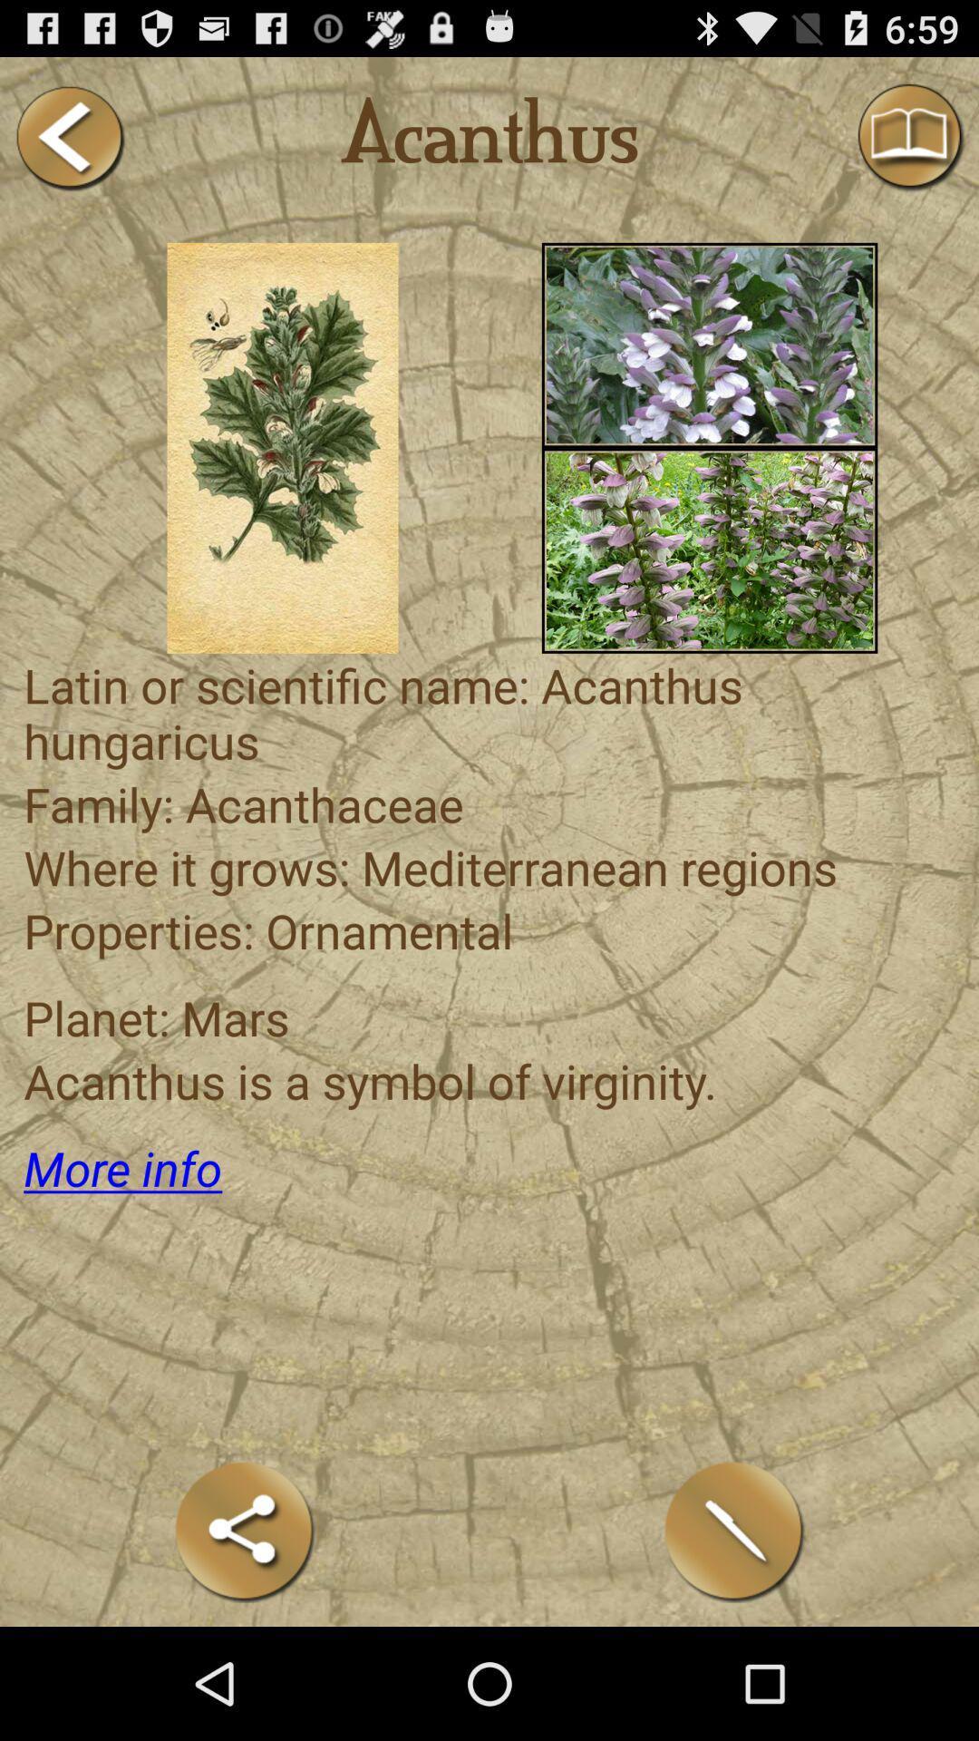  What do you see at coordinates (709, 345) in the screenshot?
I see `more than 70 plants cataloged in alphabetical order you can see for your rituals` at bounding box center [709, 345].